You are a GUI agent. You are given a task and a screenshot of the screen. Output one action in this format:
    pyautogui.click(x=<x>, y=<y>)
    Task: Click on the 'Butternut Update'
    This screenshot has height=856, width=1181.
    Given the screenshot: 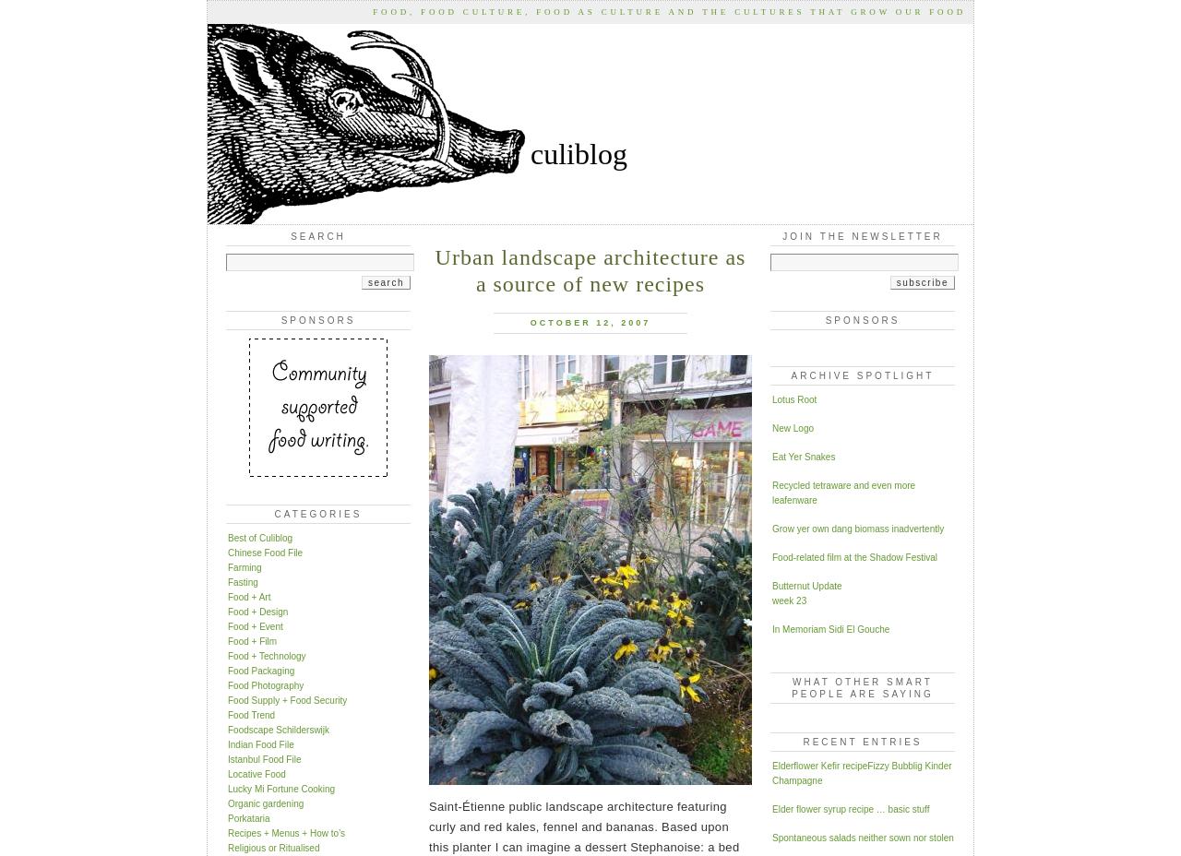 What is the action you would take?
    pyautogui.click(x=806, y=585)
    